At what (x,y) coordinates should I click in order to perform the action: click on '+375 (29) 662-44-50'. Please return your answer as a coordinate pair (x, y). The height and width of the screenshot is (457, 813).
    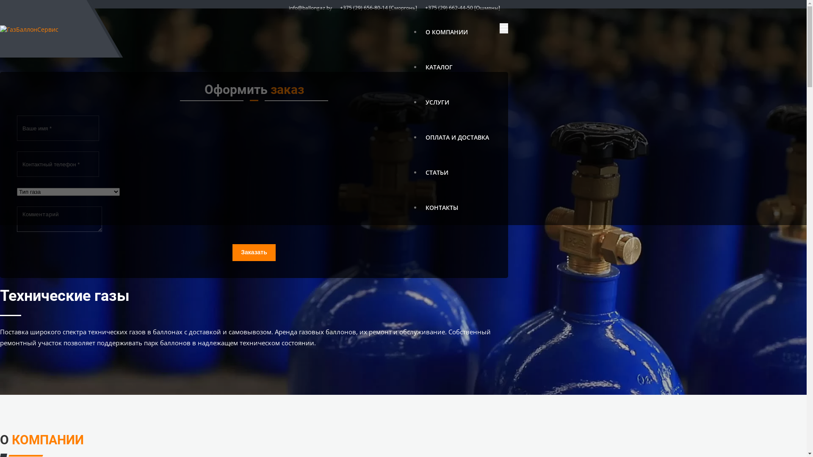
    Looking at the image, I should click on (448, 8).